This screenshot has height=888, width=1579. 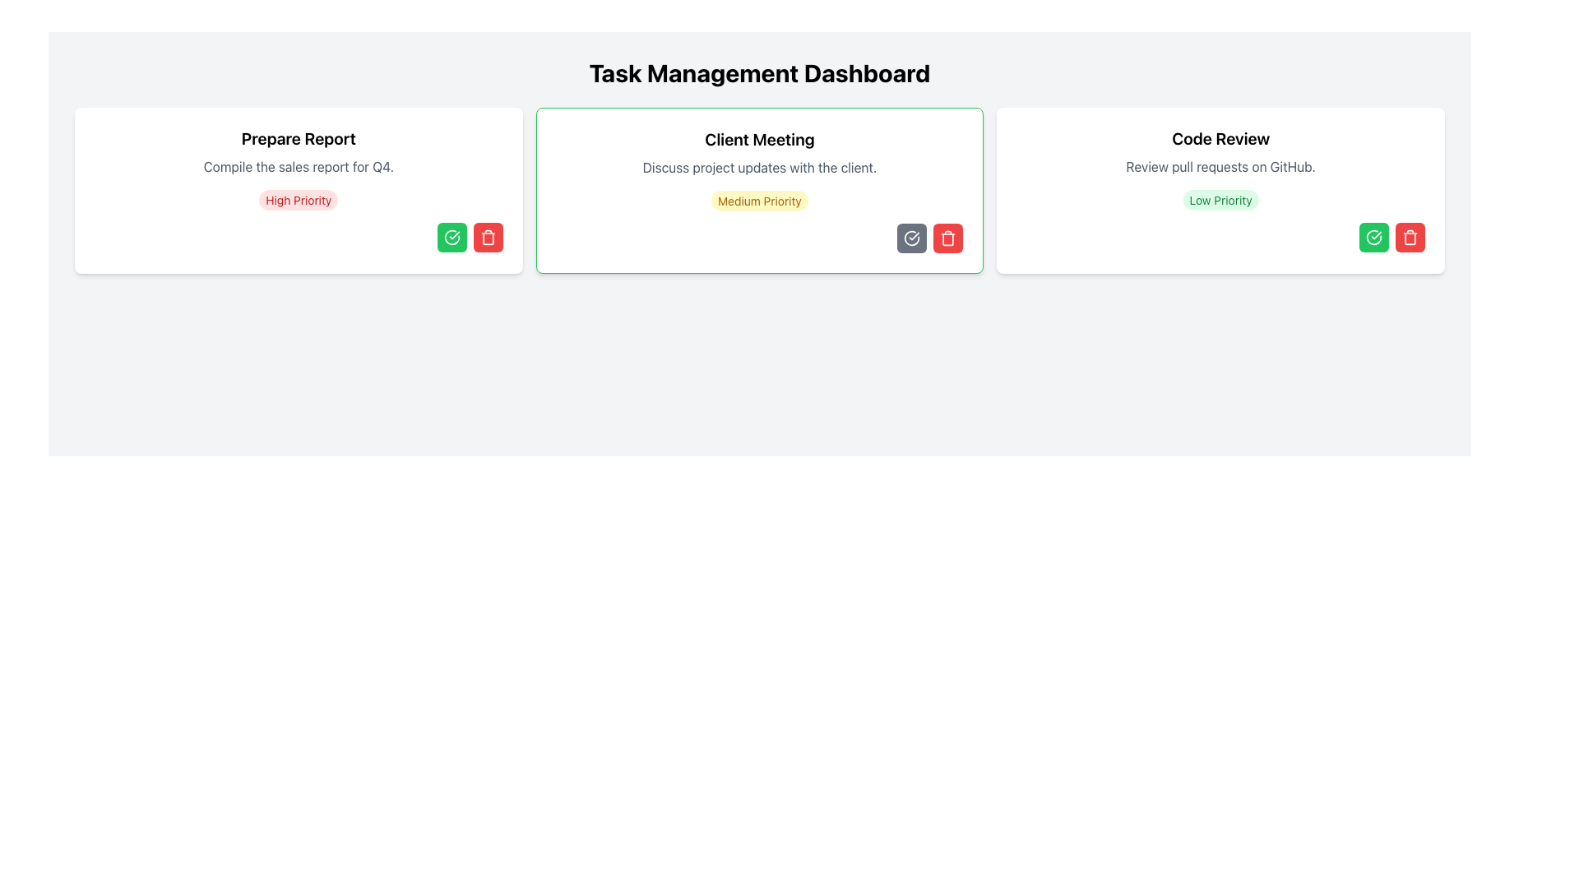 What do you see at coordinates (487, 238) in the screenshot?
I see `the delete button located at the bottom right corner of the 'Prepare Report' card, next to the green checkmark icon` at bounding box center [487, 238].